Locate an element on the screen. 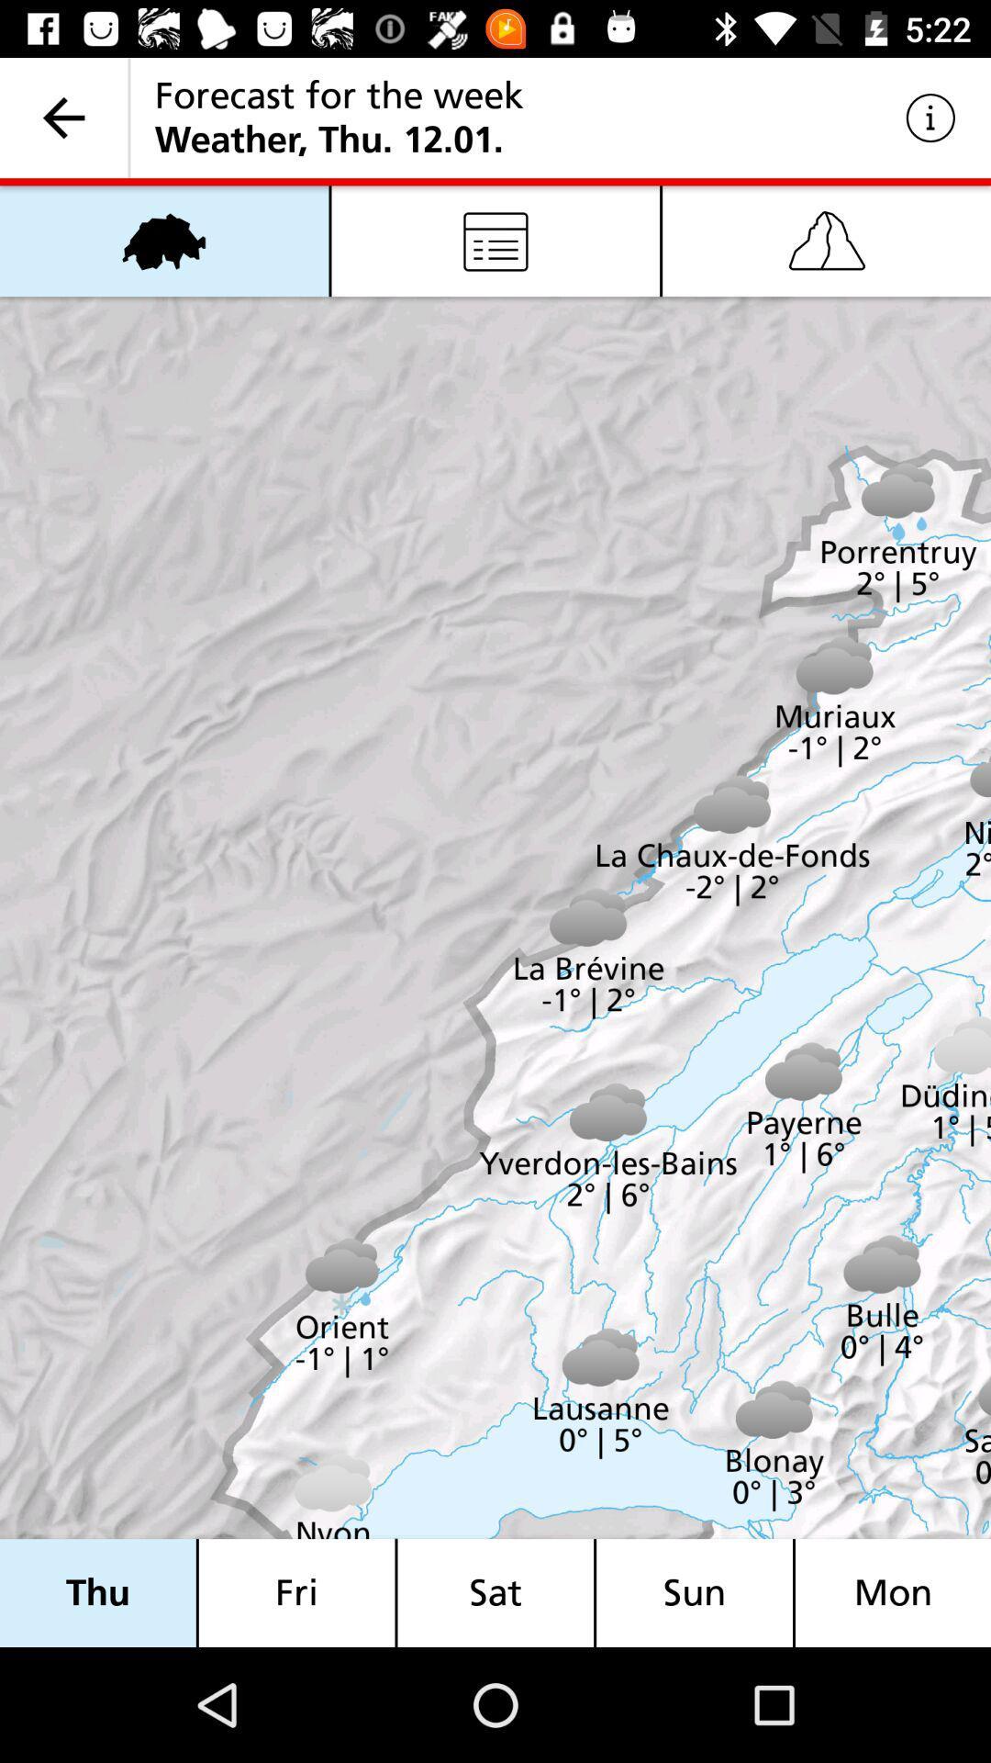 Image resolution: width=991 pixels, height=1763 pixels. the button which is below information icon on the page is located at coordinates (827, 241).